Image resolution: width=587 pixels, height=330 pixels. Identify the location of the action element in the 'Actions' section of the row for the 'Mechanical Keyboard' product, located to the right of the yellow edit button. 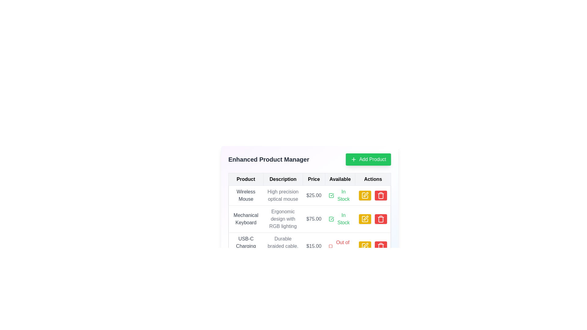
(373, 219).